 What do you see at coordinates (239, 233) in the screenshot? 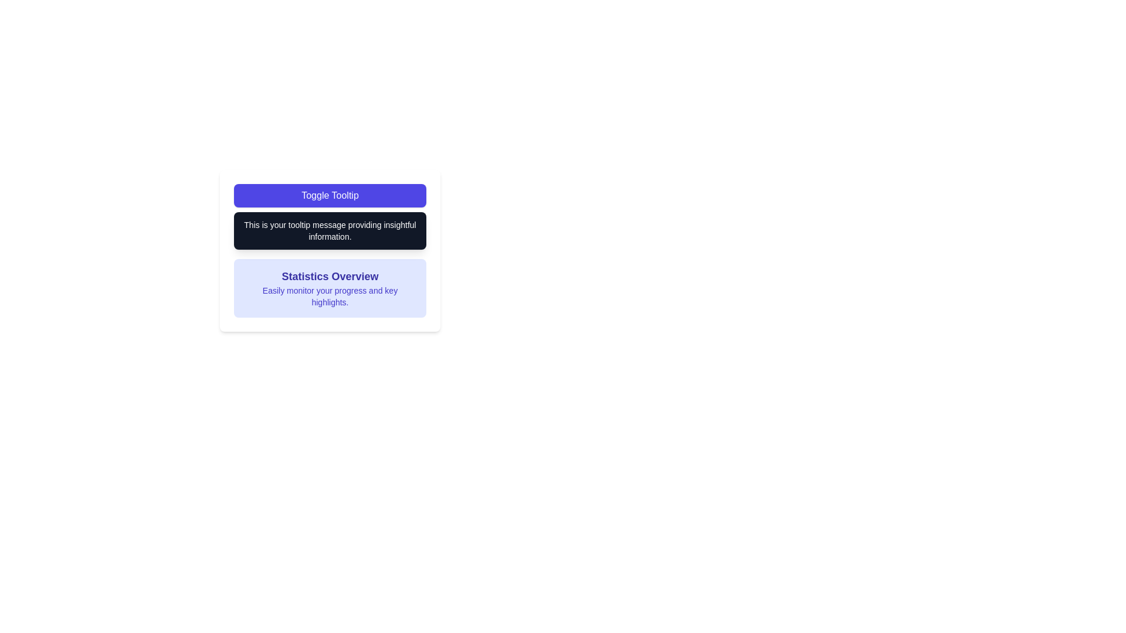
I see `the circular outlined information icon with a blue outline, located near the top left of the tooltip message that says 'Hover over components` at bounding box center [239, 233].